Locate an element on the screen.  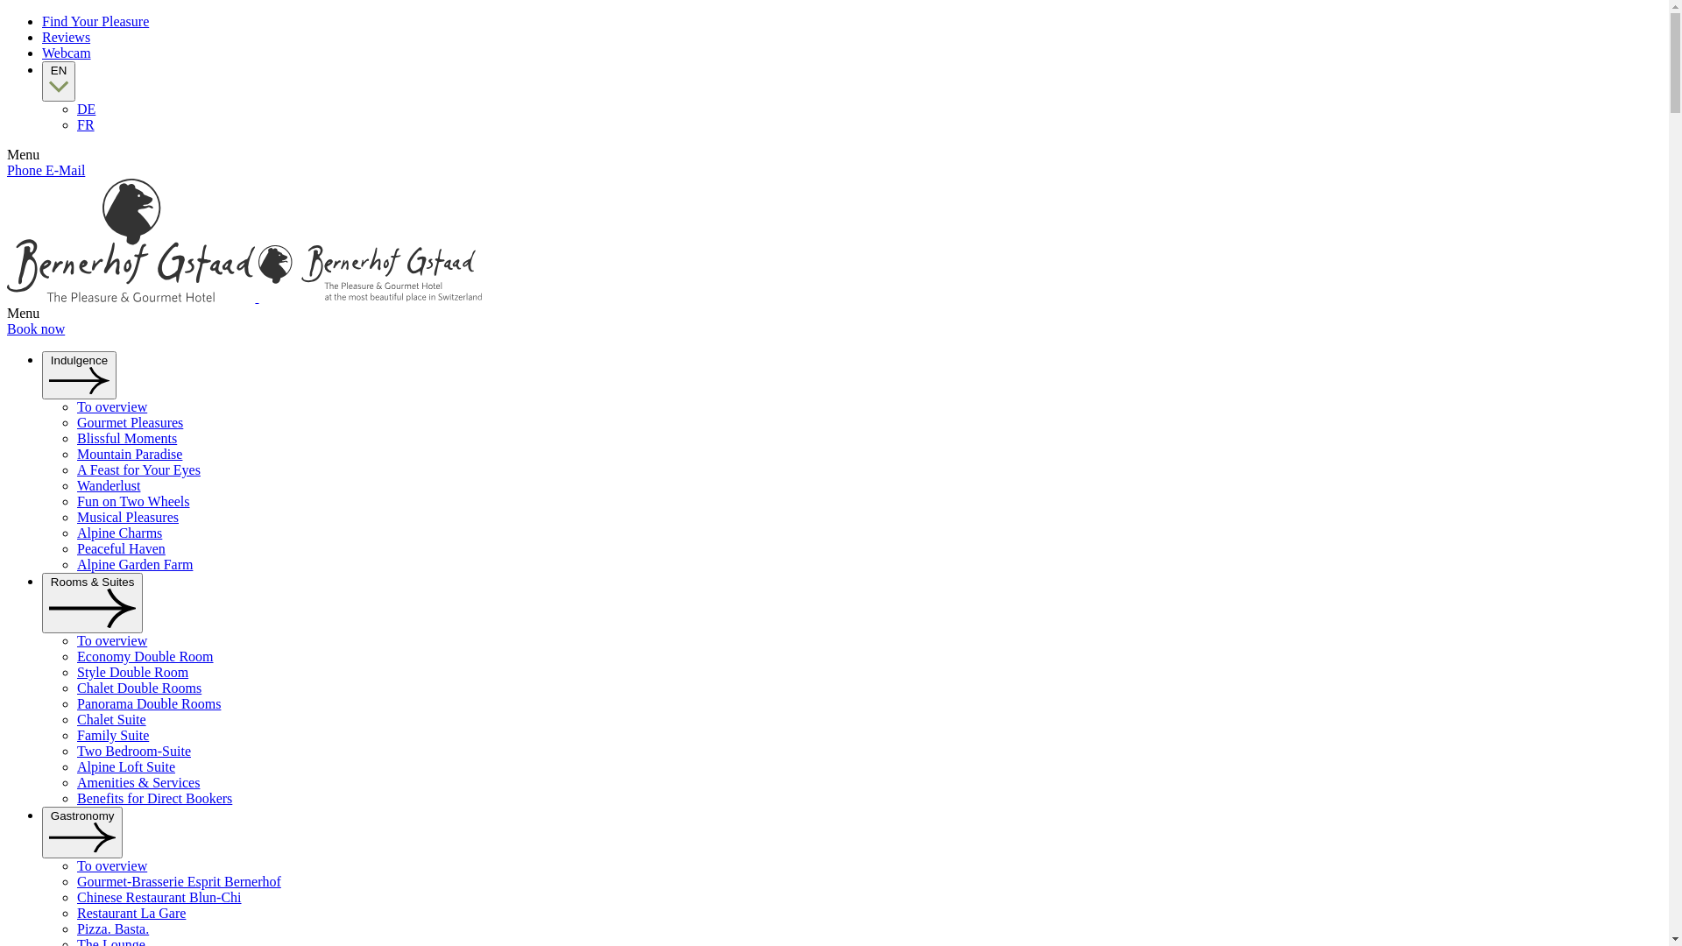
'Chinese Restaurant Blun-Chi' is located at coordinates (159, 897).